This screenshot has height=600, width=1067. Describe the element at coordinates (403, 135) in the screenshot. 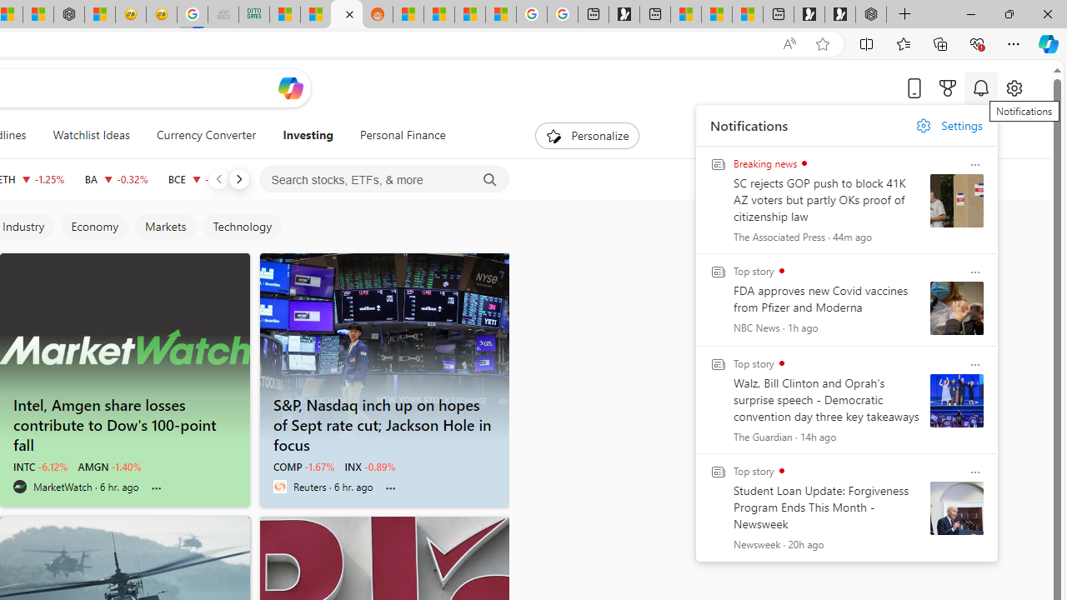

I see `'Personal Finance'` at that location.